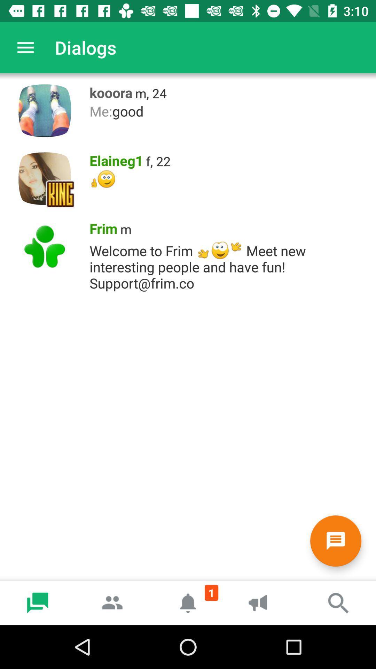  I want to click on the kooora icon, so click(109, 91).